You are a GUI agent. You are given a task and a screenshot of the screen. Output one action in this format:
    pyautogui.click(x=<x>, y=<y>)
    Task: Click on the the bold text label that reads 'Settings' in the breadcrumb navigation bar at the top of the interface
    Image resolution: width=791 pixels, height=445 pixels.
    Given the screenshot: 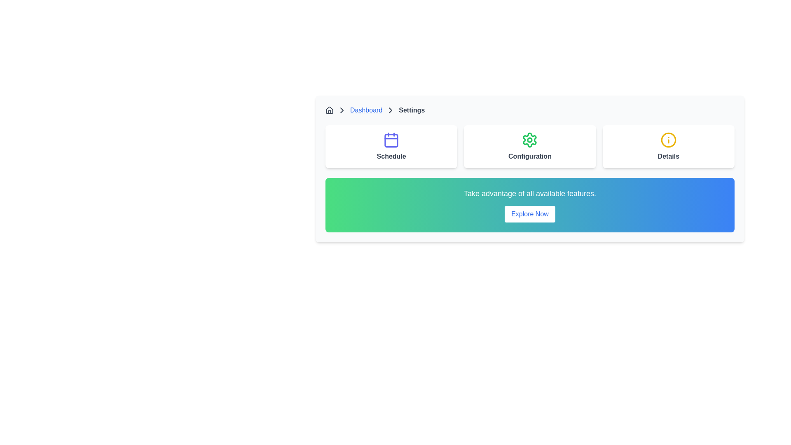 What is the action you would take?
    pyautogui.click(x=412, y=110)
    